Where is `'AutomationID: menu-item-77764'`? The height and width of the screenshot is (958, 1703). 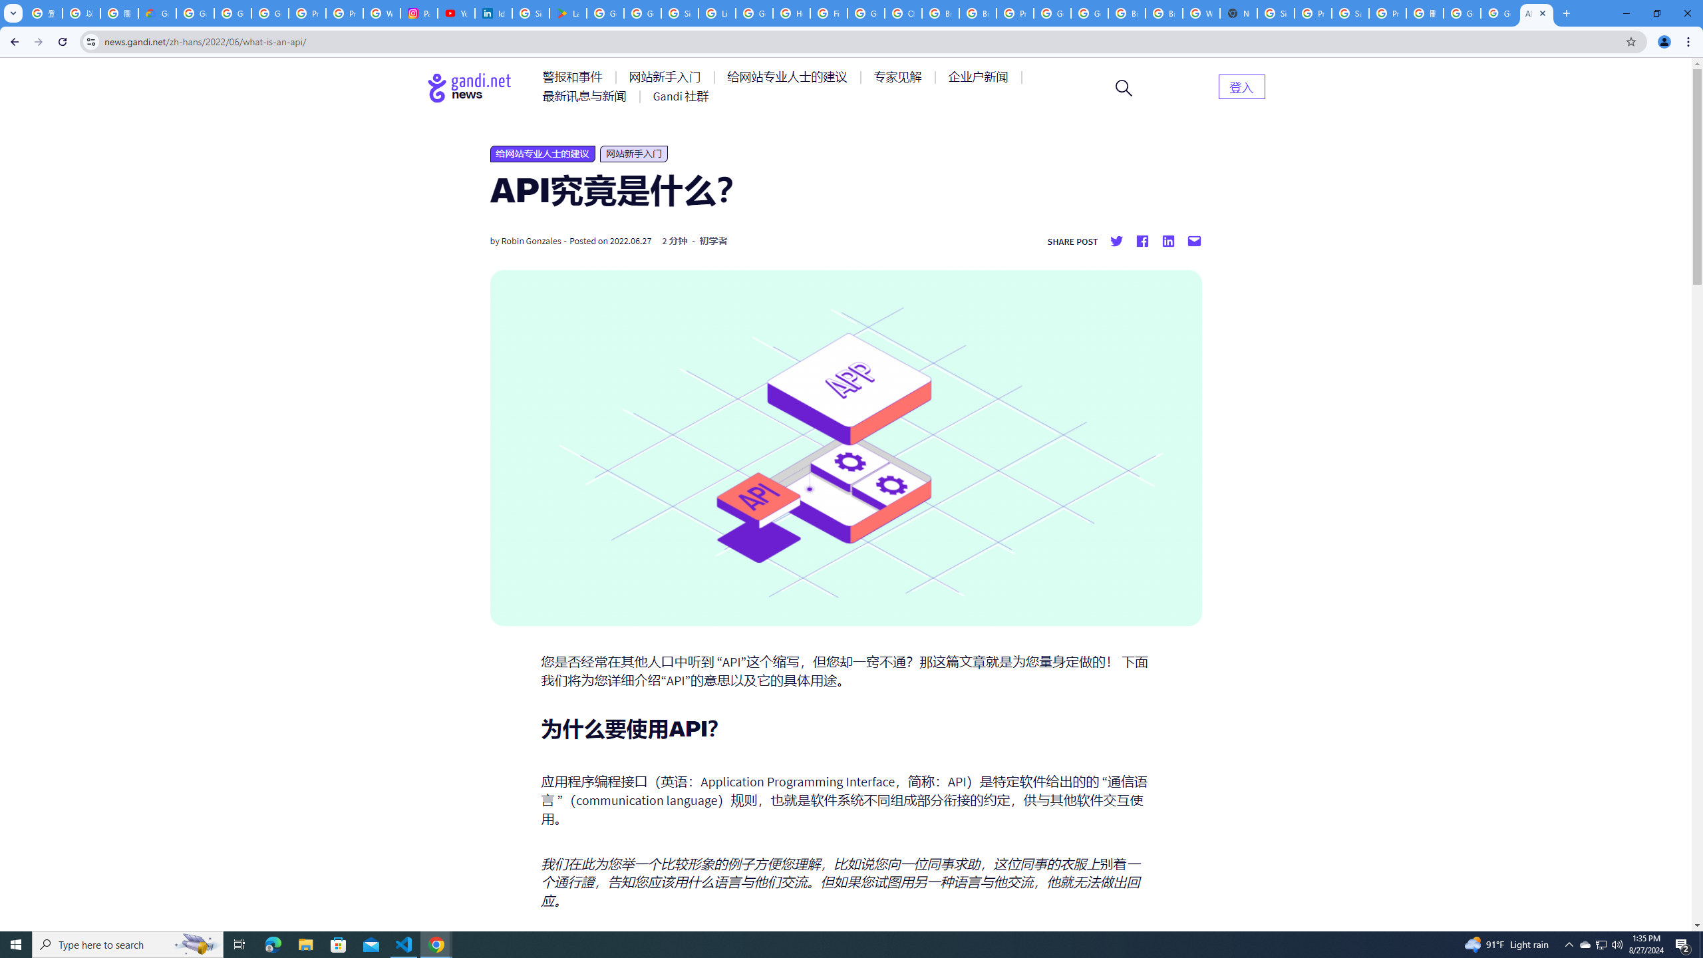
'AutomationID: menu-item-77764' is located at coordinates (899, 76).